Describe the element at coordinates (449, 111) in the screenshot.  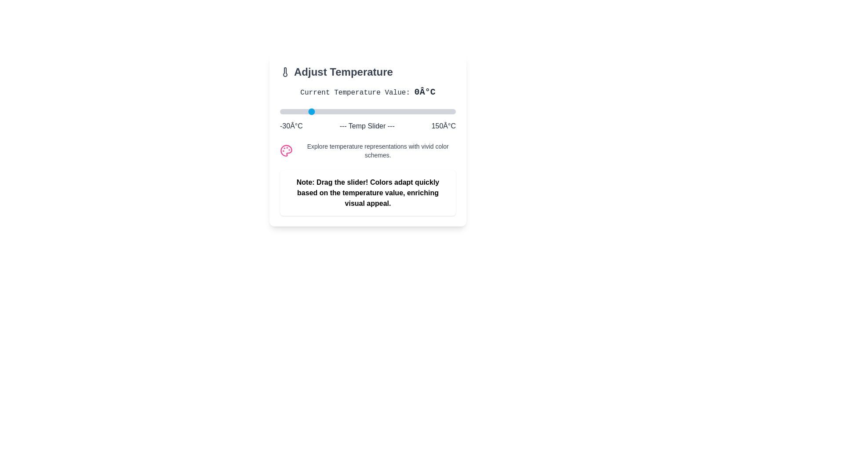
I see `the temperature slider to set the temperature to 143°C` at that location.